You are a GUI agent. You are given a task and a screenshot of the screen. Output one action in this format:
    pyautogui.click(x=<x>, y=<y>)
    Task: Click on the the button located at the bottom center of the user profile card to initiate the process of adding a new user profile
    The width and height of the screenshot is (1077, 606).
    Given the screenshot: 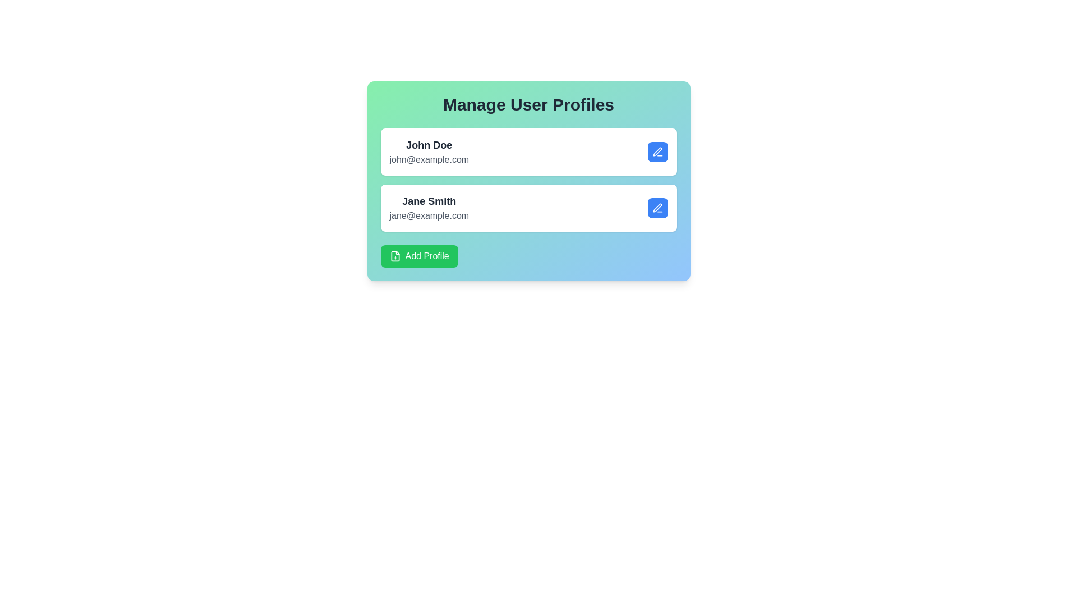 What is the action you would take?
    pyautogui.click(x=418, y=256)
    